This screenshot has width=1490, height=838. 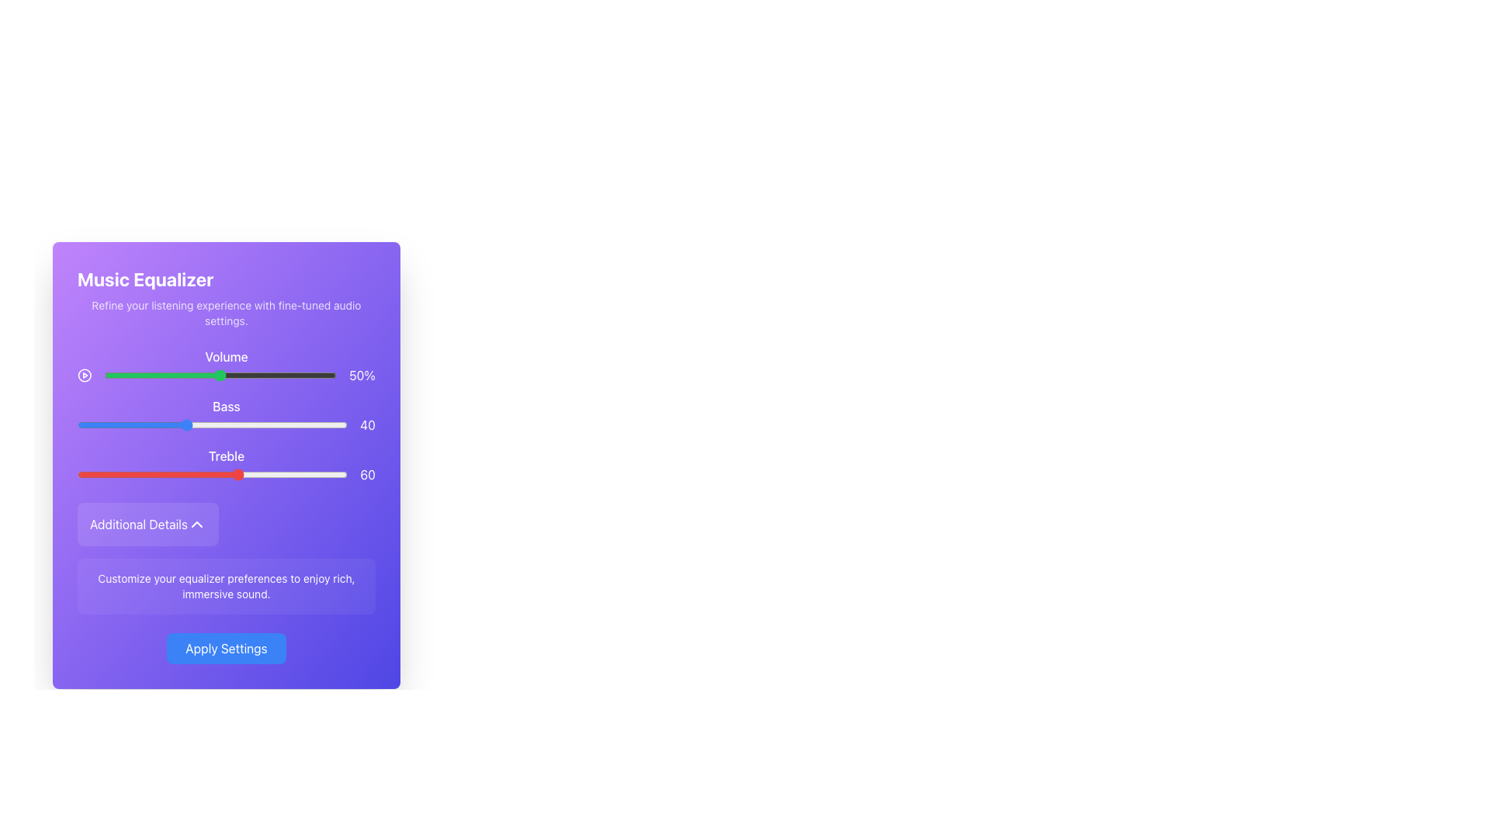 I want to click on the slider, so click(x=125, y=375).